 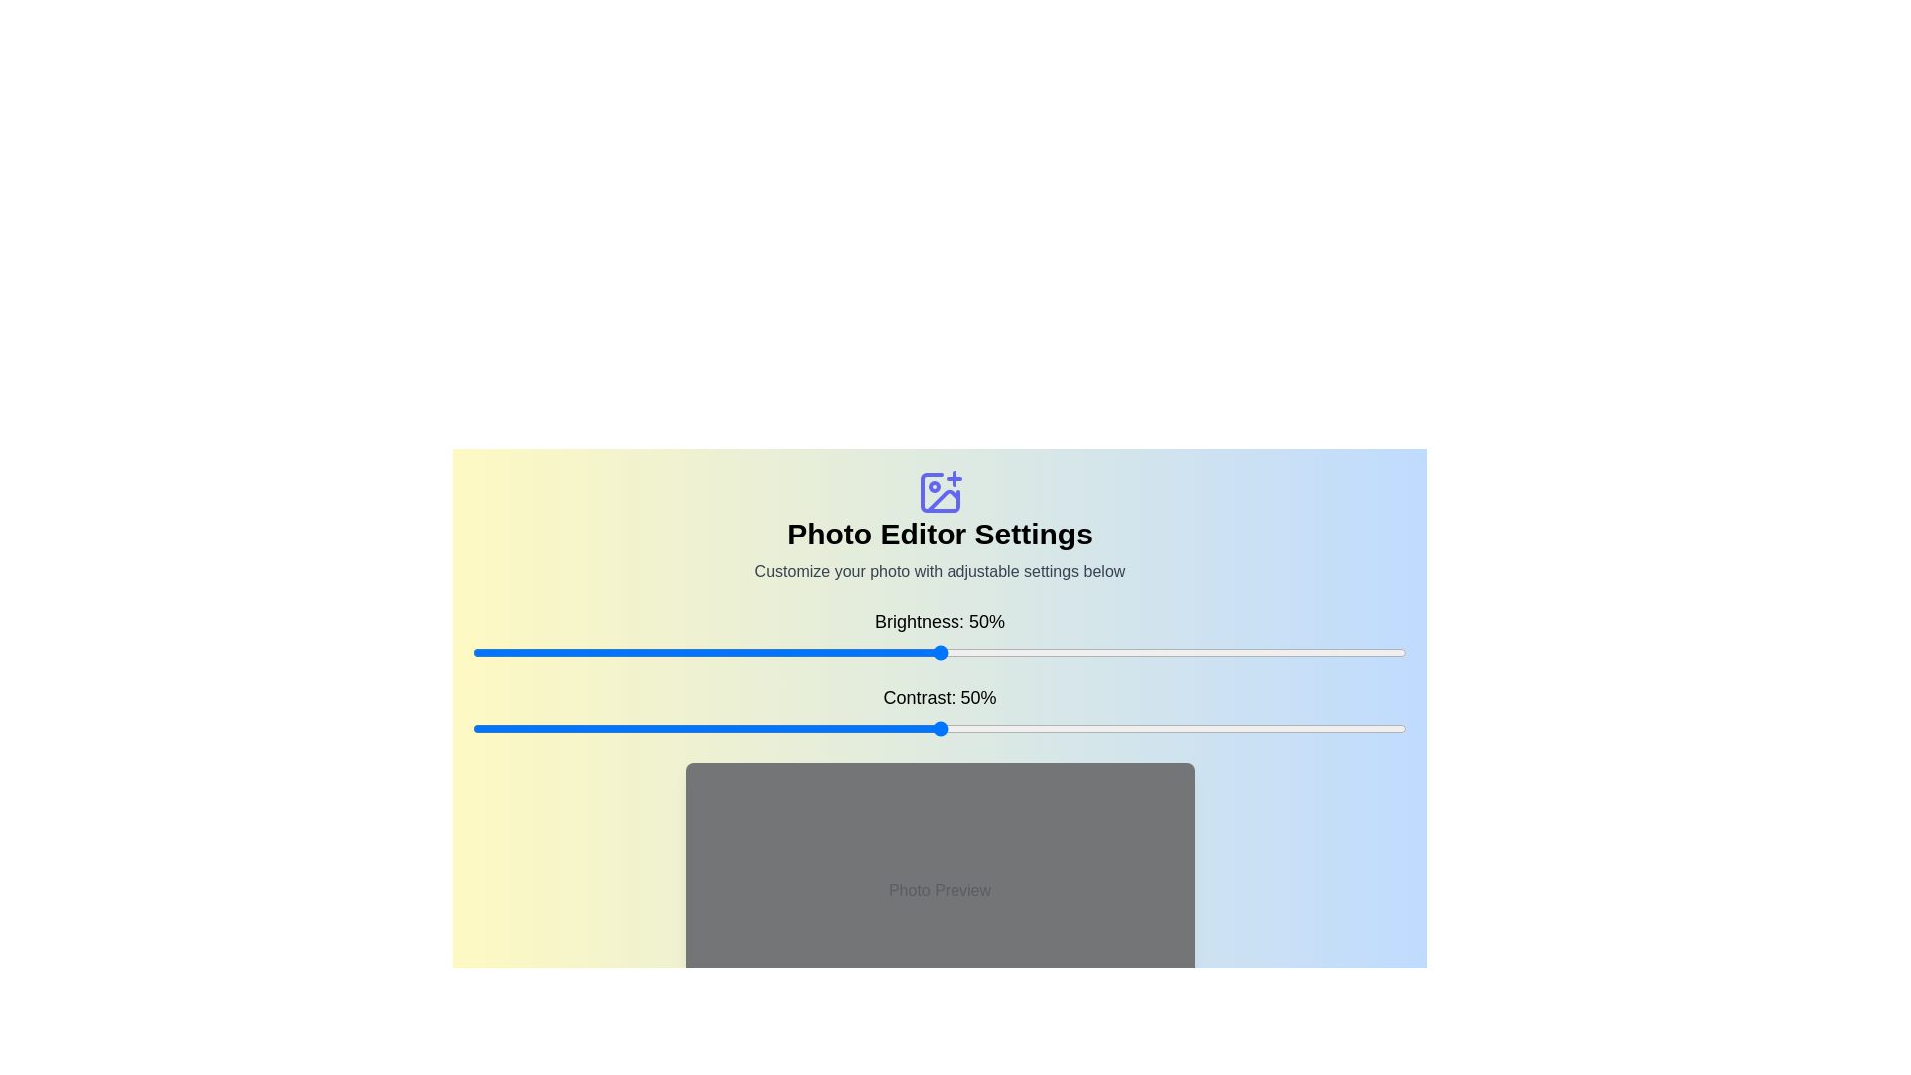 What do you see at coordinates (1332, 652) in the screenshot?
I see `the brightness slider to 92%` at bounding box center [1332, 652].